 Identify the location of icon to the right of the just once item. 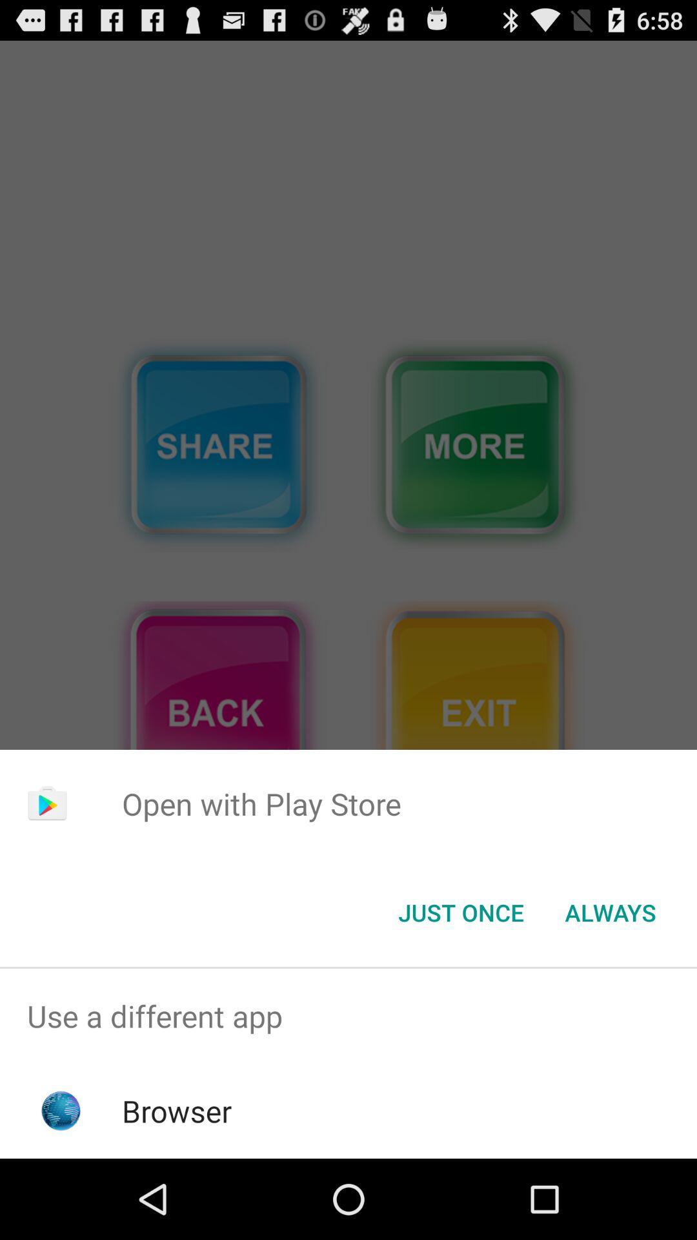
(610, 911).